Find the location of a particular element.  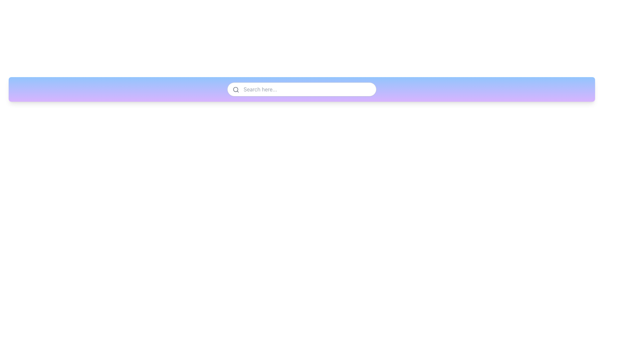

the search functionality icon, which is positioned near the top-left corner of the search input field is located at coordinates (236, 90).